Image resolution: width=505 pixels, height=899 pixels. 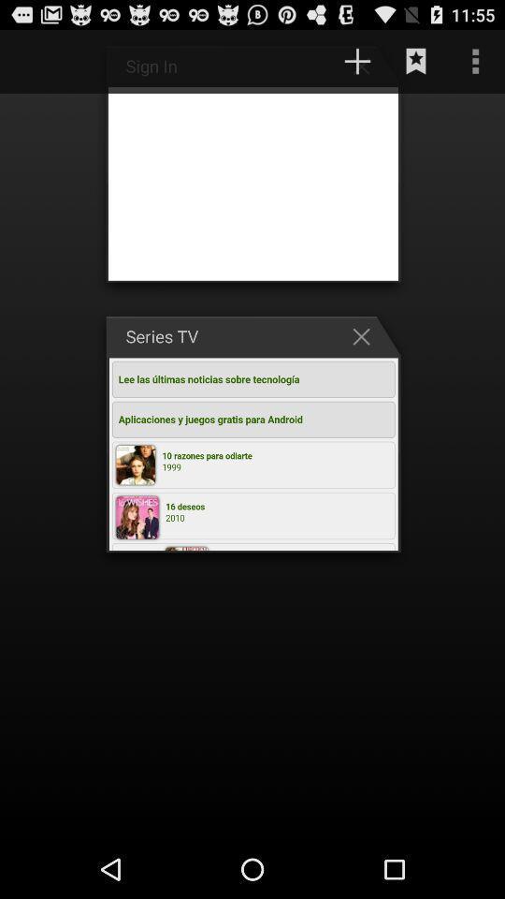 What do you see at coordinates (38, 61) in the screenshot?
I see `item at the top left corner` at bounding box center [38, 61].